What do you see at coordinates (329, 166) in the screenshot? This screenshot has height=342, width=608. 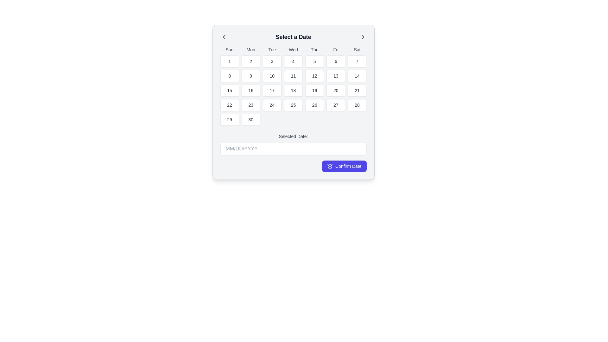 I see `the visual cue of the icon located to the left of the text in the 'Confirm Date' button` at bounding box center [329, 166].